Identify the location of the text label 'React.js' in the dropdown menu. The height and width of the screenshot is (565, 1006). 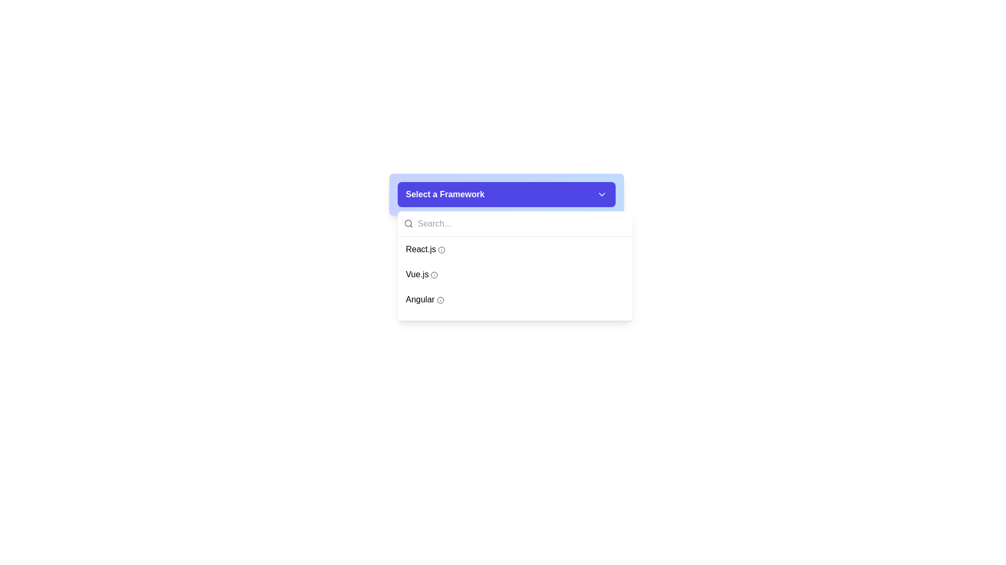
(425, 250).